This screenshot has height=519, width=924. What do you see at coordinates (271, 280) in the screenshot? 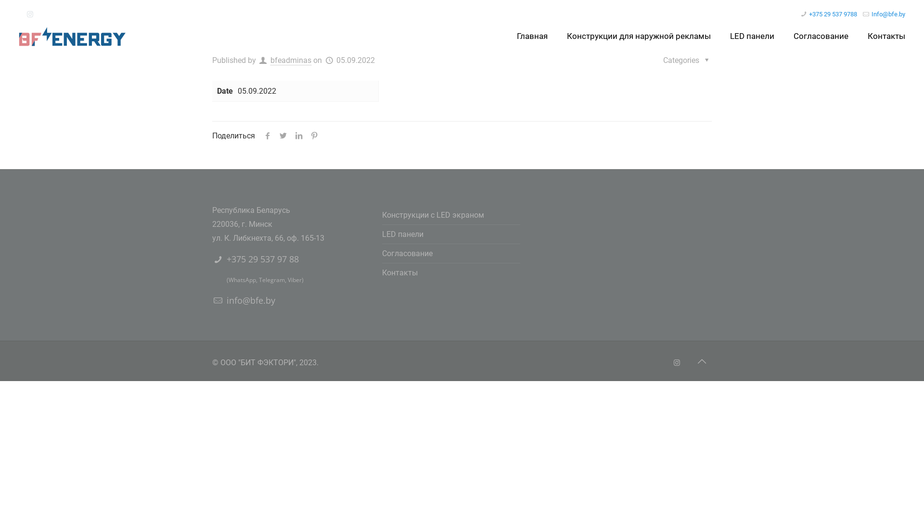
I see `'Telegram'` at bounding box center [271, 280].